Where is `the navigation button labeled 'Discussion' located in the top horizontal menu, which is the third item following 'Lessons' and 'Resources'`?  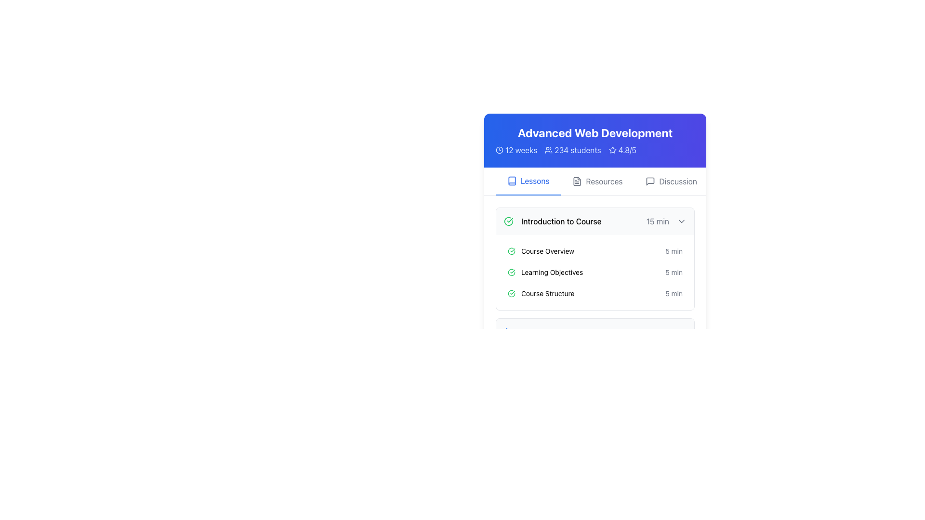 the navigation button labeled 'Discussion' located in the top horizontal menu, which is the third item following 'Lessons' and 'Resources' is located at coordinates (671, 182).